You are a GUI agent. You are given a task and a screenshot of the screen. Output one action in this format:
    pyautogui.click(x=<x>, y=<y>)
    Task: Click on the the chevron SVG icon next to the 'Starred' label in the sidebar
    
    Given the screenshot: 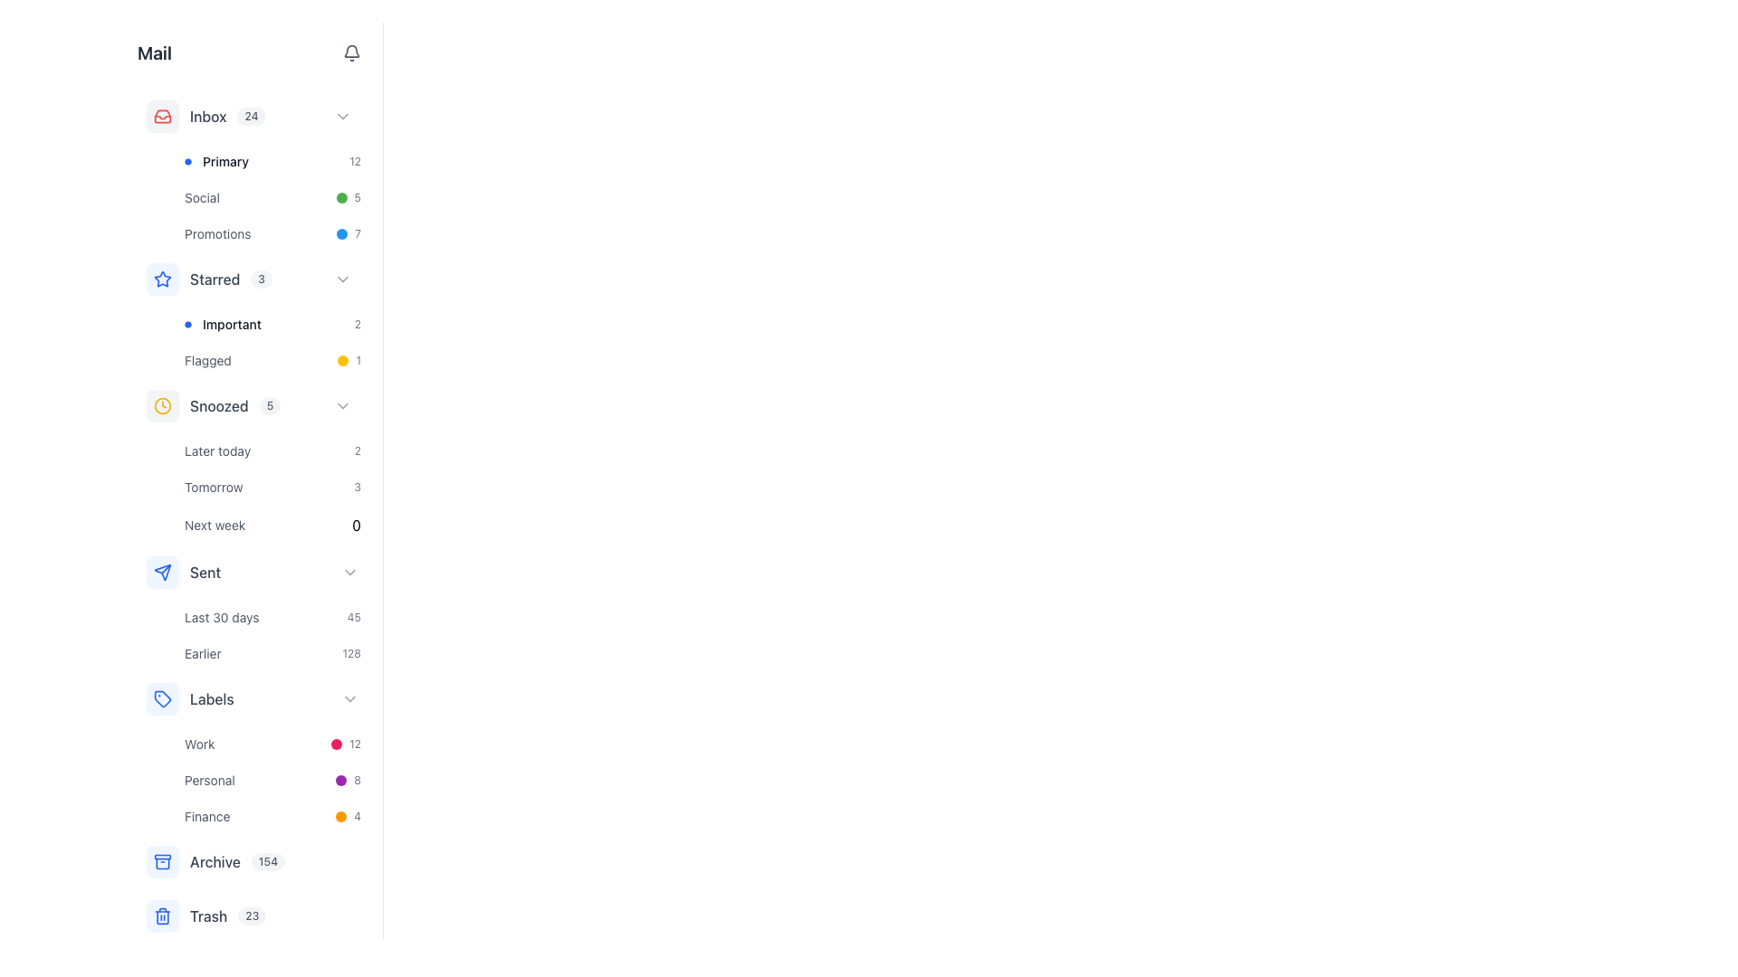 What is the action you would take?
    pyautogui.click(x=343, y=279)
    